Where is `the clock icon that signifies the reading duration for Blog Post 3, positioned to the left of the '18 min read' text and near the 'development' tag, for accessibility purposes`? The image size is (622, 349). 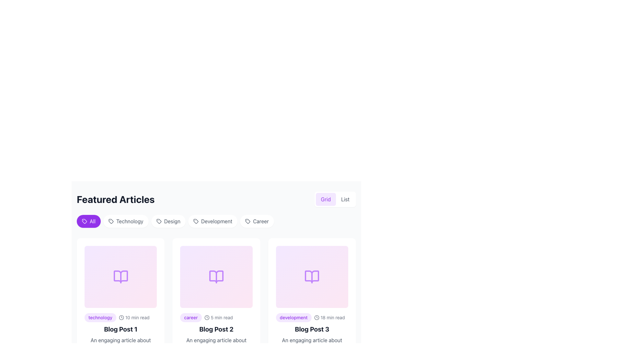 the clock icon that signifies the reading duration for Blog Post 3, positioned to the left of the '18 min read' text and near the 'development' tag, for accessibility purposes is located at coordinates (317, 317).